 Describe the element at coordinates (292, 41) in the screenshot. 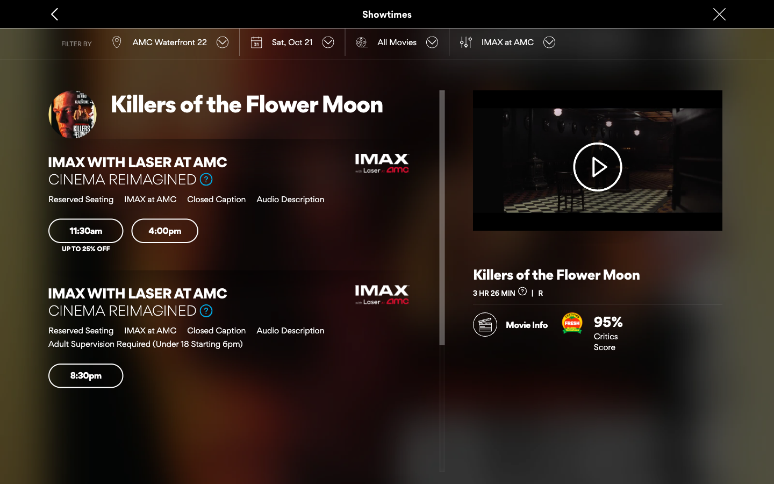

I see `Update the calendar with a new date` at that location.